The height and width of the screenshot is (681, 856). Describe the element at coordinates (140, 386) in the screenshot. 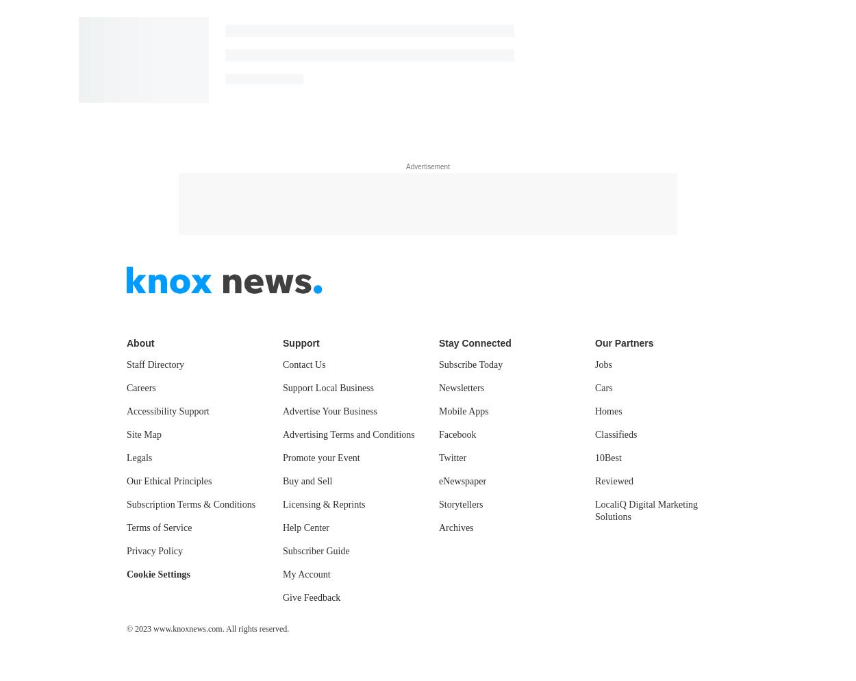

I see `'Careers'` at that location.